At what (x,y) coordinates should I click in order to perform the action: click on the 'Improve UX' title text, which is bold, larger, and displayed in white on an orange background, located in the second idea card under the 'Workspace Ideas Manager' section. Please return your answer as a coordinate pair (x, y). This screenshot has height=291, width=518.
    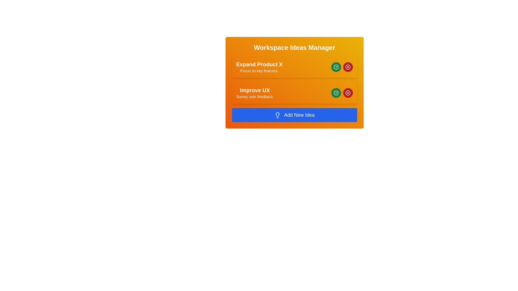
    Looking at the image, I should click on (255, 90).